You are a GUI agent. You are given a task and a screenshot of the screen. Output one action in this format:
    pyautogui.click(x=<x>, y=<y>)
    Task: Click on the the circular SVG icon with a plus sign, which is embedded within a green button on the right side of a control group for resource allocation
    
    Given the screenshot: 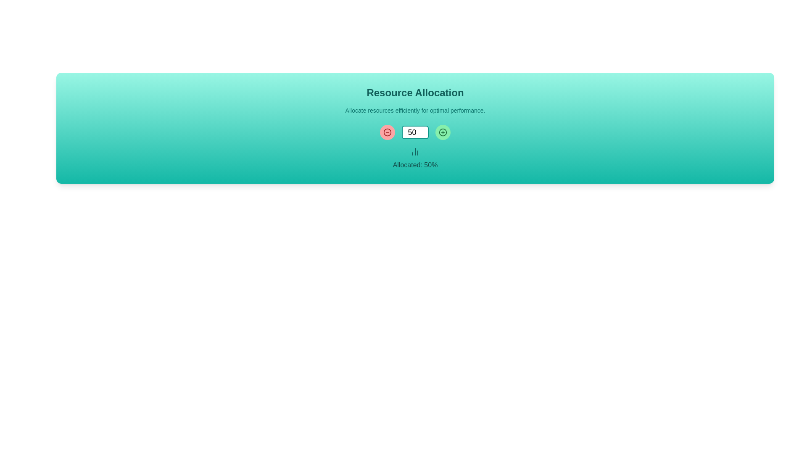 What is the action you would take?
    pyautogui.click(x=443, y=132)
    